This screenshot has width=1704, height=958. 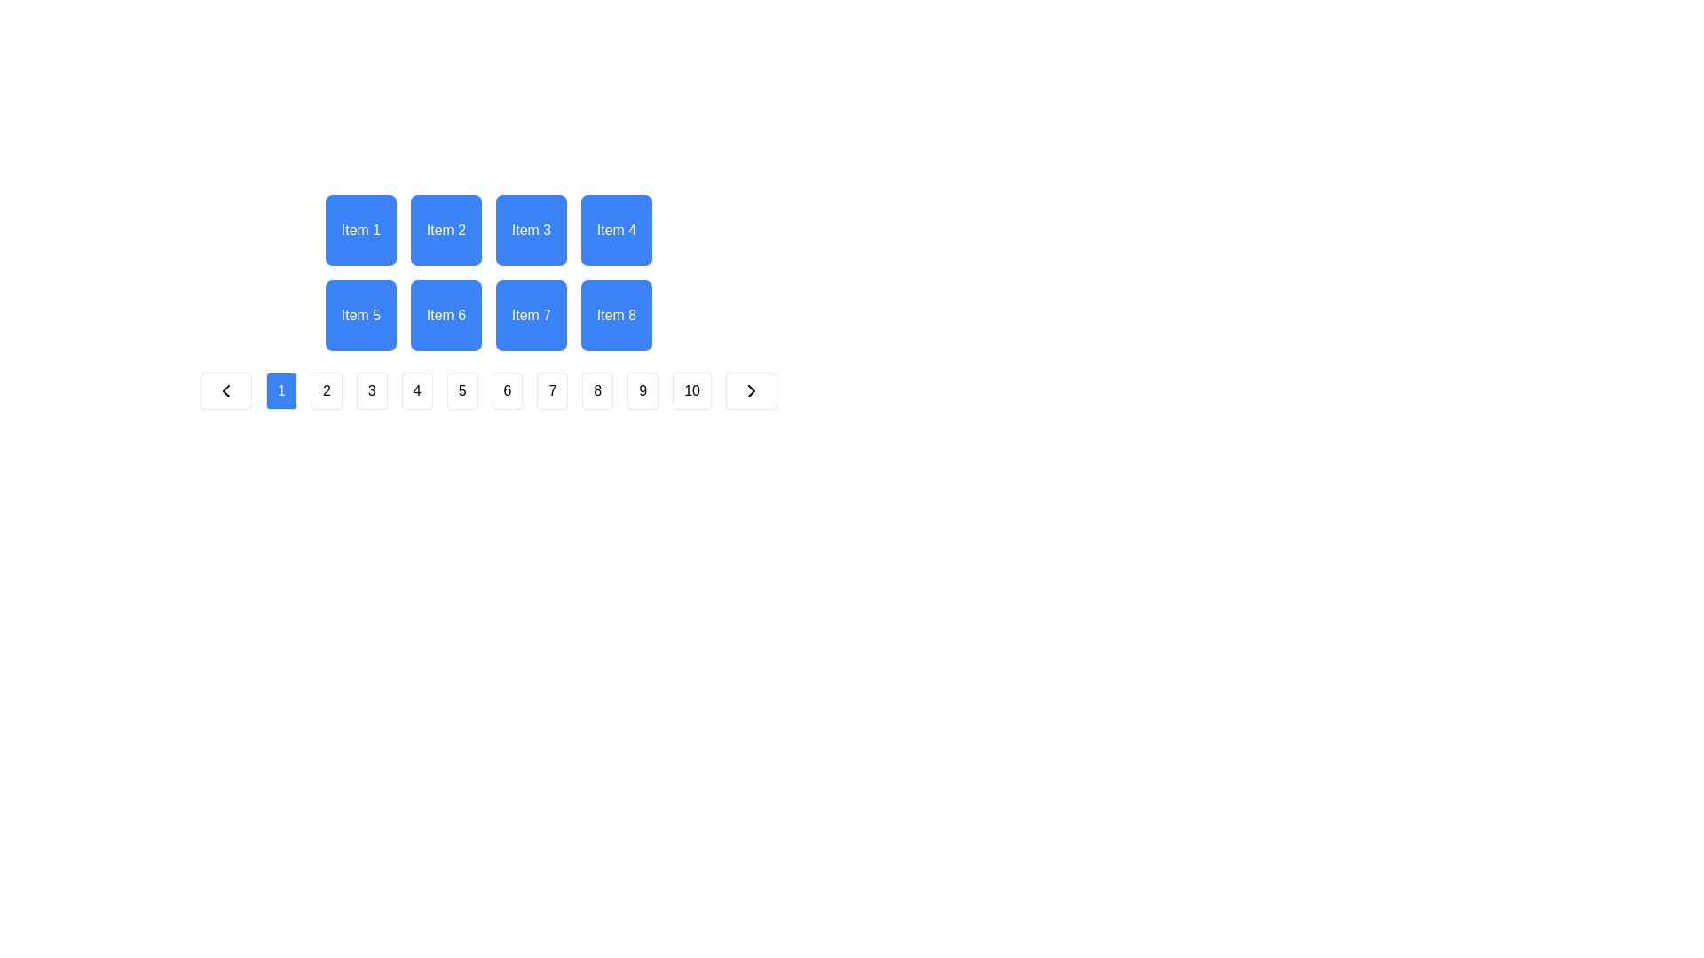 I want to click on the button labeled '5' with a white background and black text, so click(x=462, y=389).